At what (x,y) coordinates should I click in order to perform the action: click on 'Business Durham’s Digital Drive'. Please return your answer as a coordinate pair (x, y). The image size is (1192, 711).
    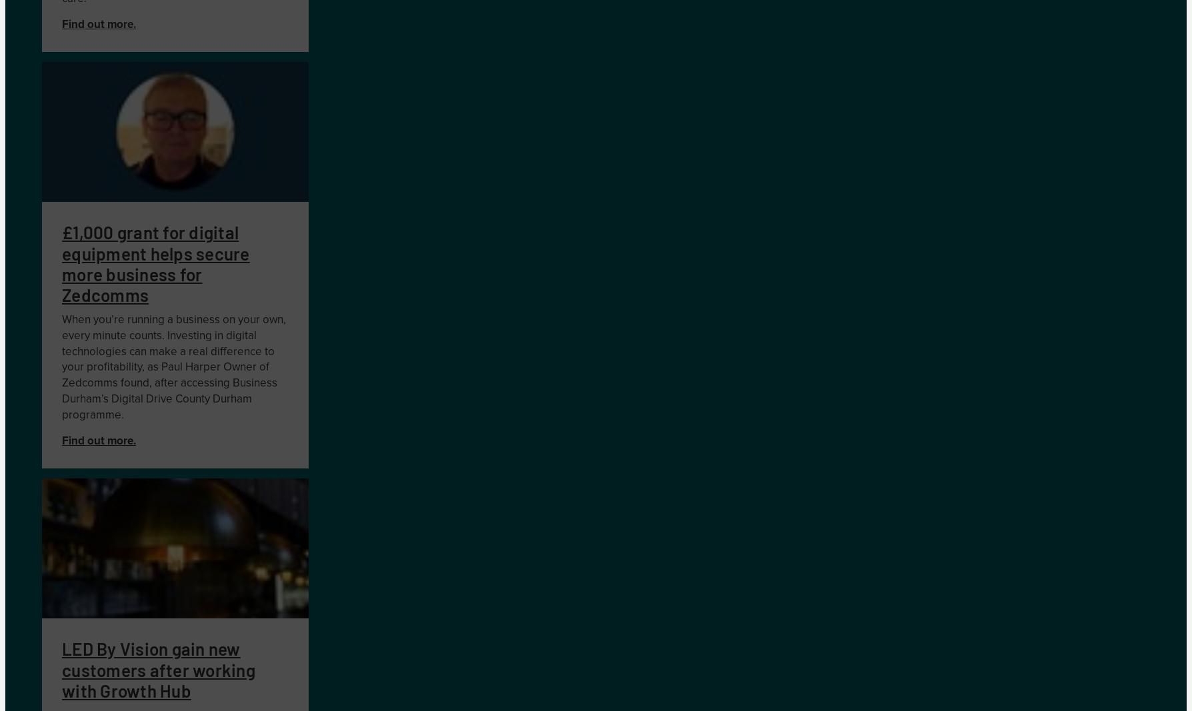
    Looking at the image, I should click on (169, 390).